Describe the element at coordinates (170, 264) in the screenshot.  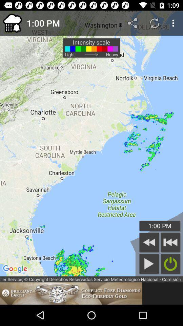
I see `the power icon` at that location.